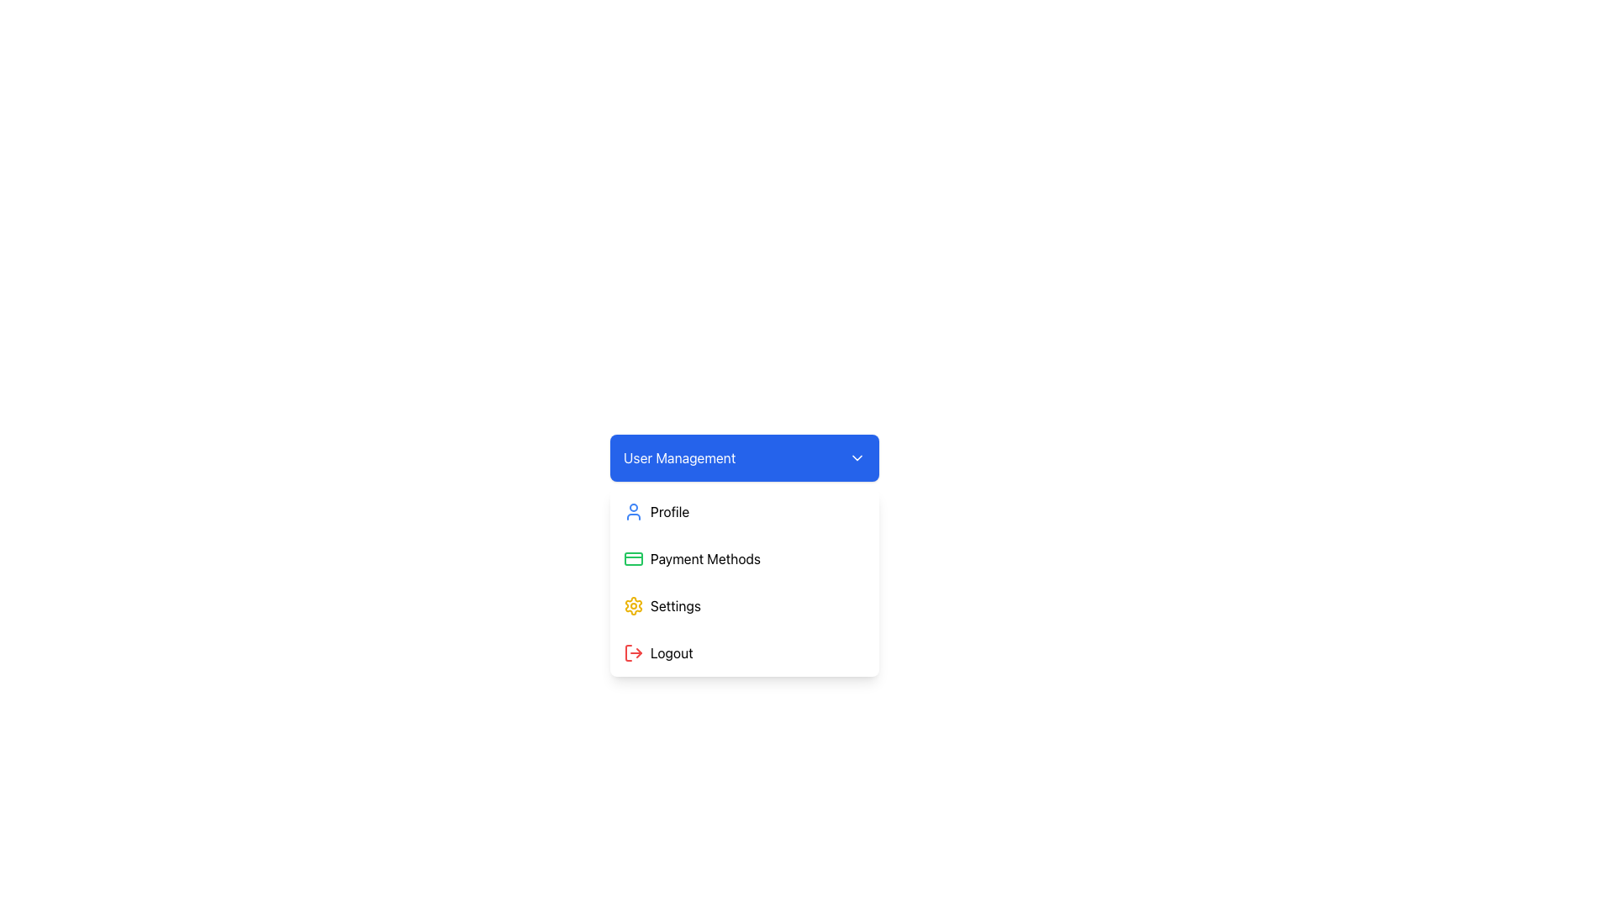 The image size is (1614, 908). I want to click on the third text label in the dropdown menu that navigates to settings, revealing its hover effects, so click(675, 606).